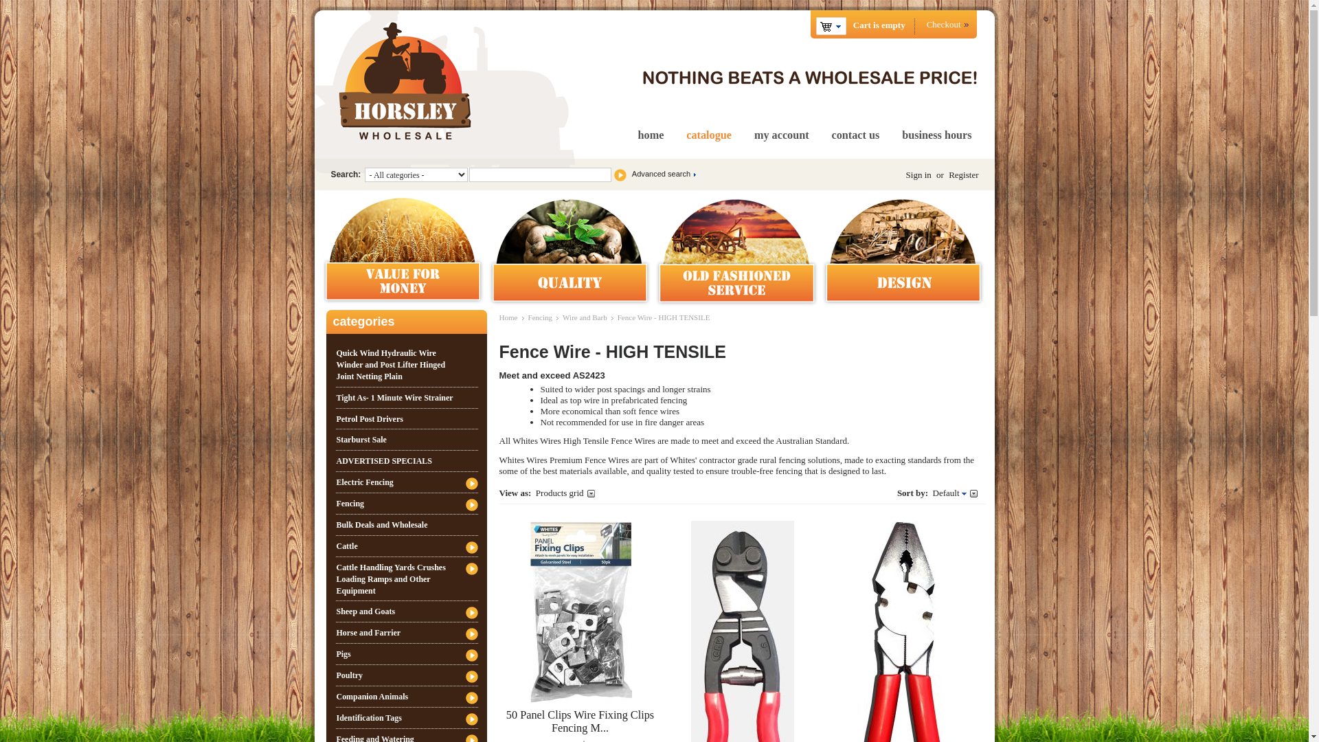 The width and height of the screenshot is (1319, 742). What do you see at coordinates (831, 135) in the screenshot?
I see `'contact us'` at bounding box center [831, 135].